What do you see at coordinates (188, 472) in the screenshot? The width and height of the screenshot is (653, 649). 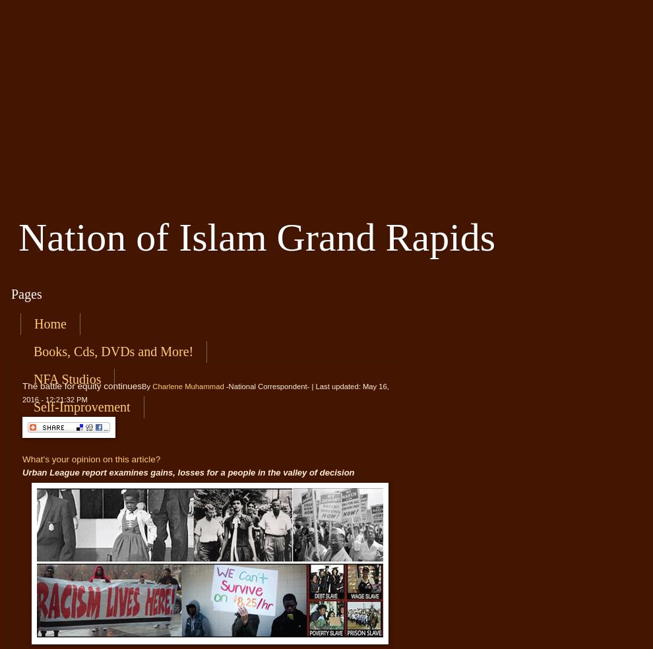 I see `'Urban League report examines gains, losses for a people in the valley of decision'` at bounding box center [188, 472].